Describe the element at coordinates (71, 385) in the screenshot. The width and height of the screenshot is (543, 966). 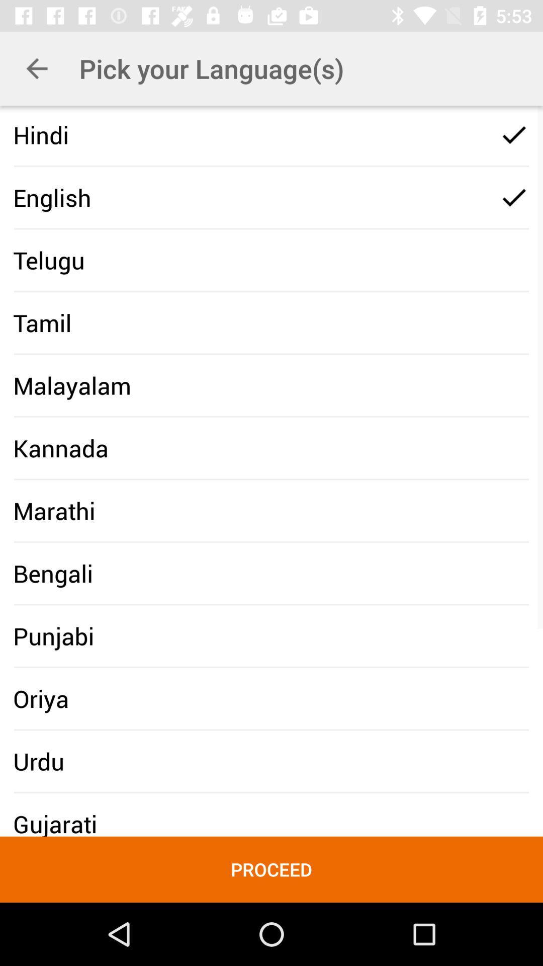
I see `item below the tamil item` at that location.